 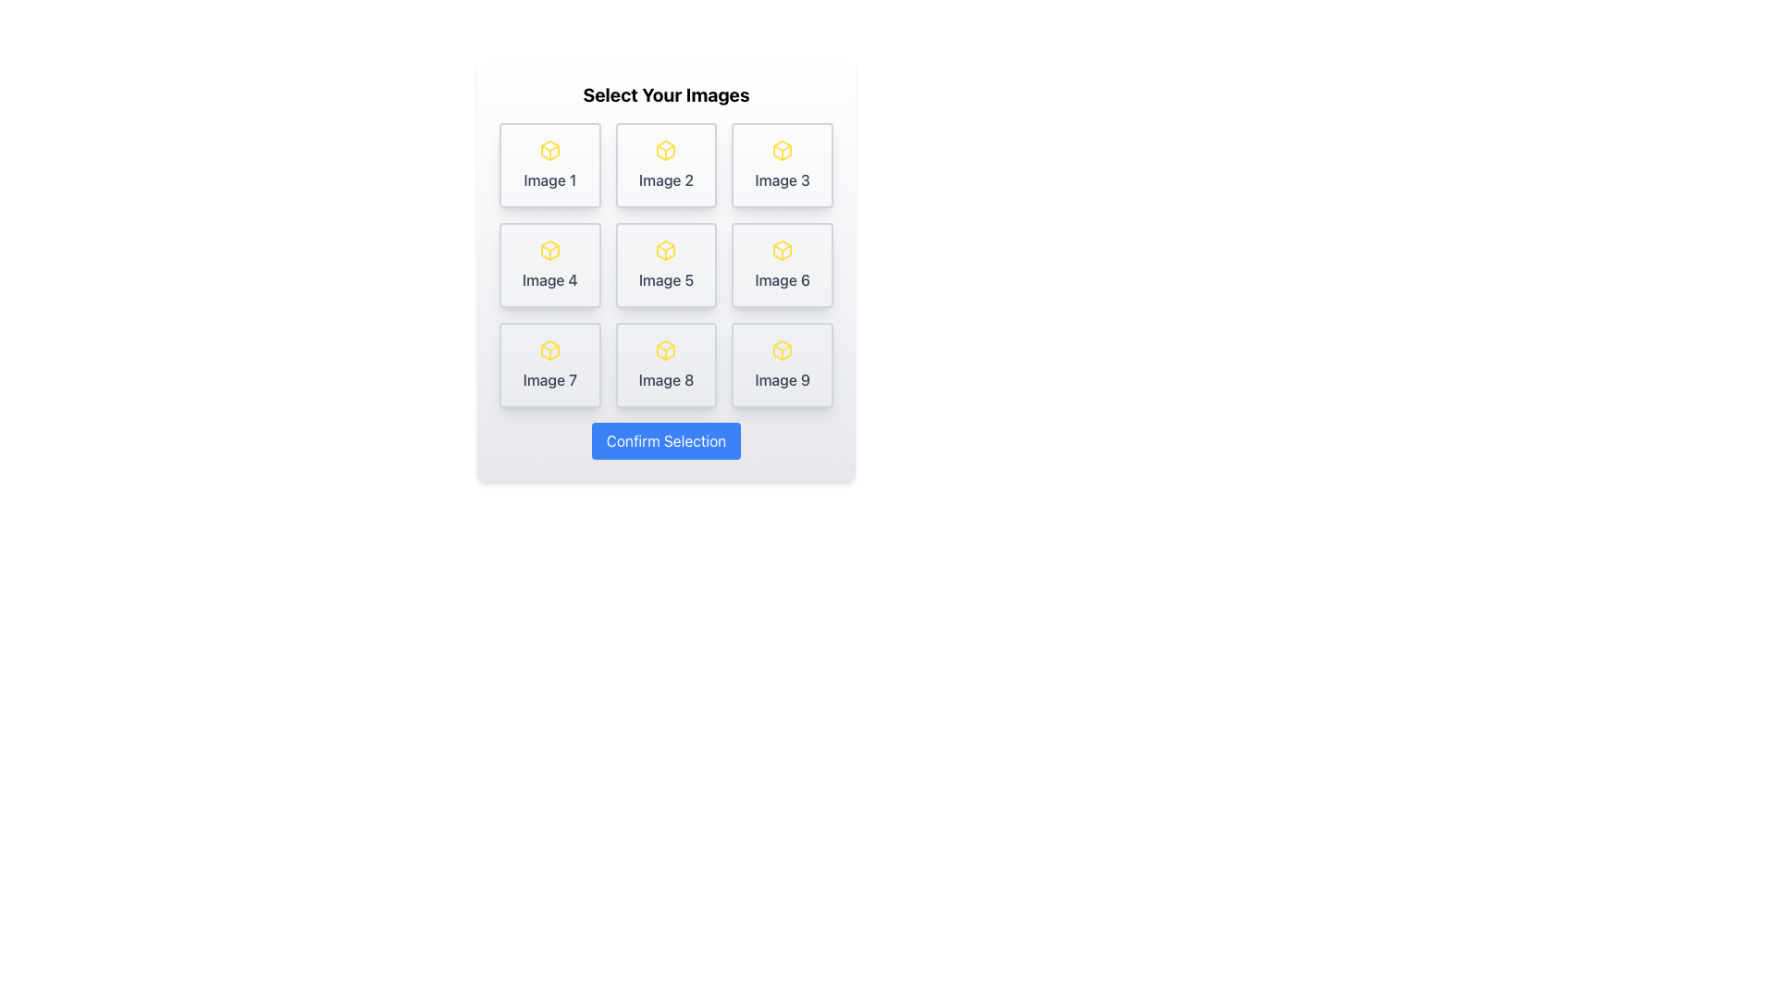 I want to click on the 'Image 4' button, which is the fourth item in a 3x3 grid layout, so click(x=549, y=250).